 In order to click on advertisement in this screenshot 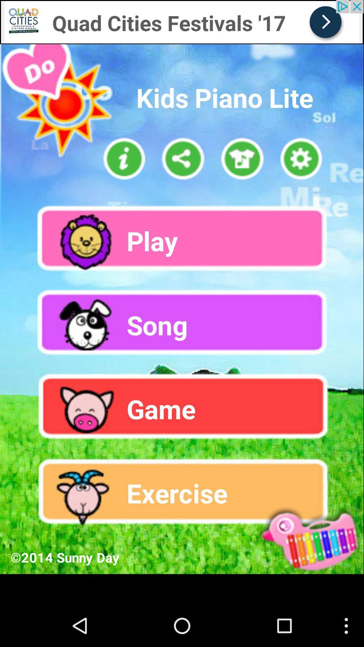, I will do `click(52, 6)`.